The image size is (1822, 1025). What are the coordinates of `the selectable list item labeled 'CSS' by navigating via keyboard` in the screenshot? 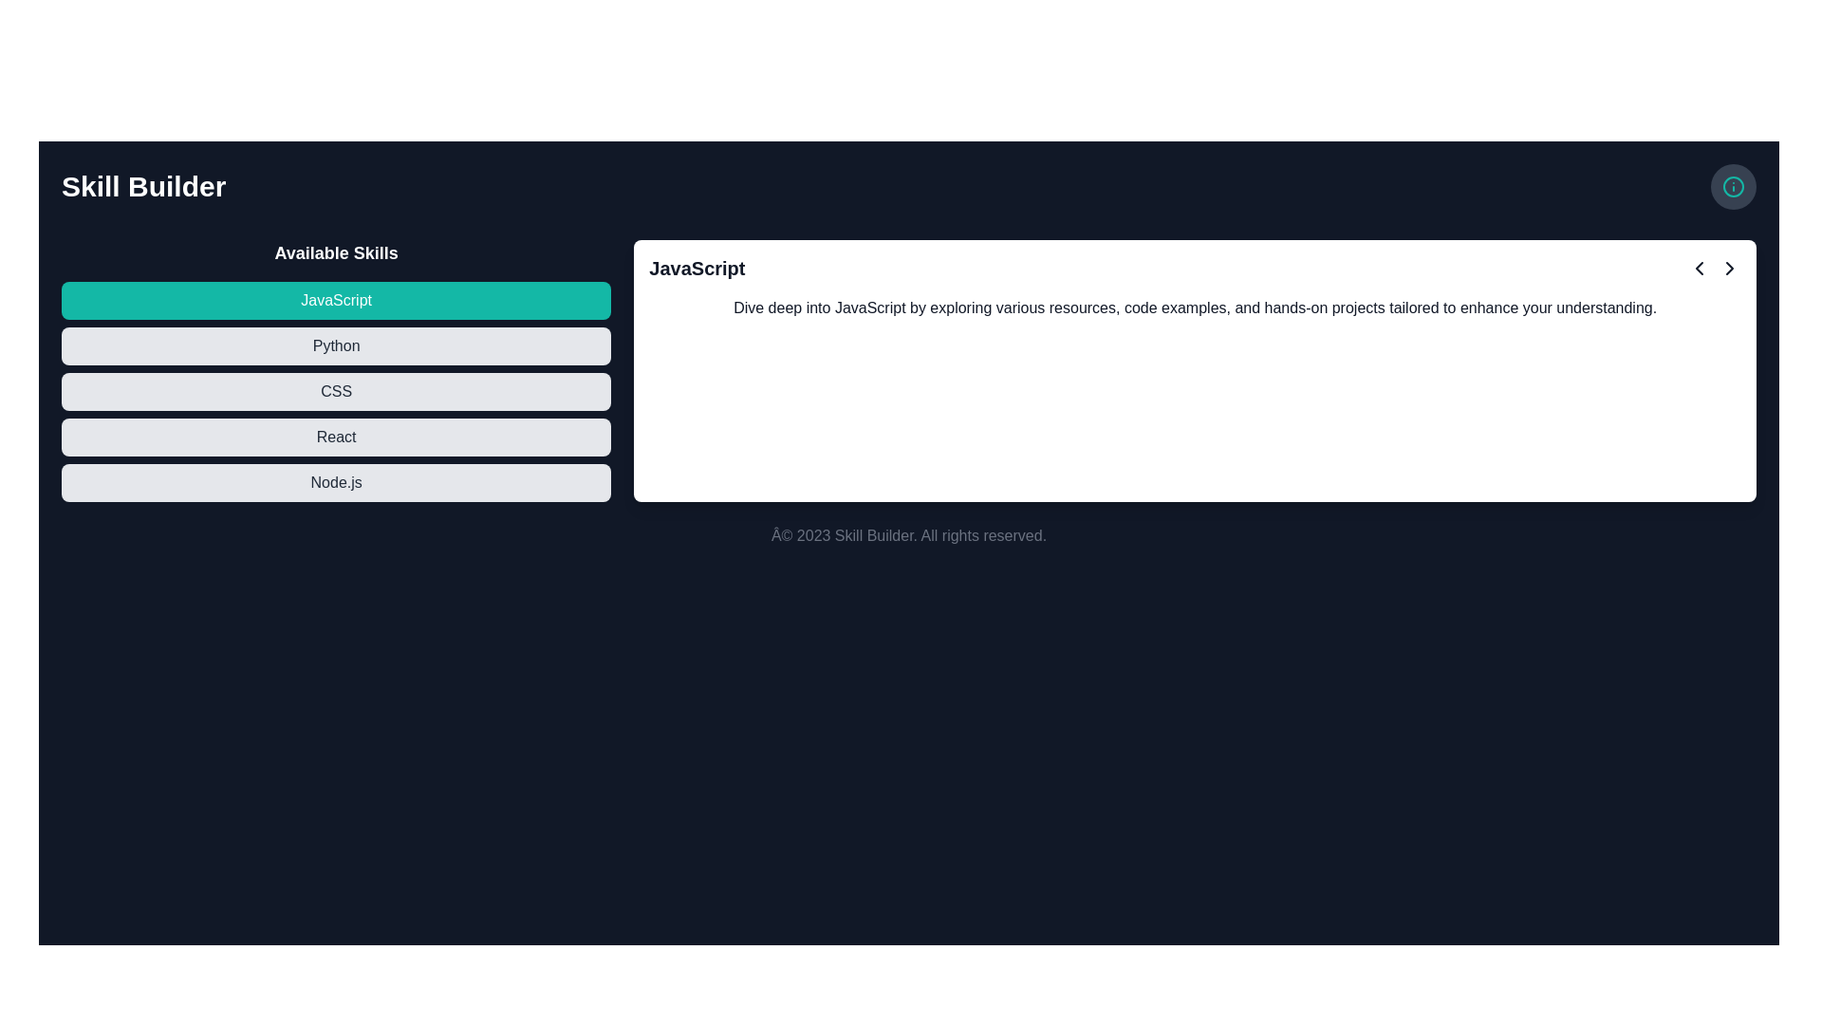 It's located at (336, 390).